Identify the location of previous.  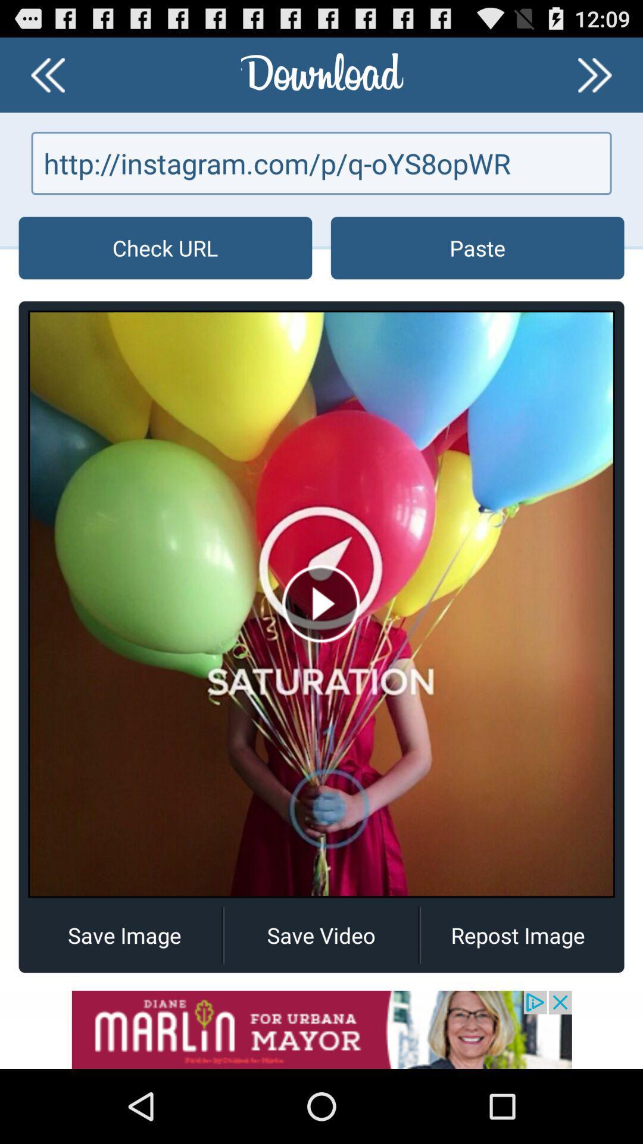
(47, 74).